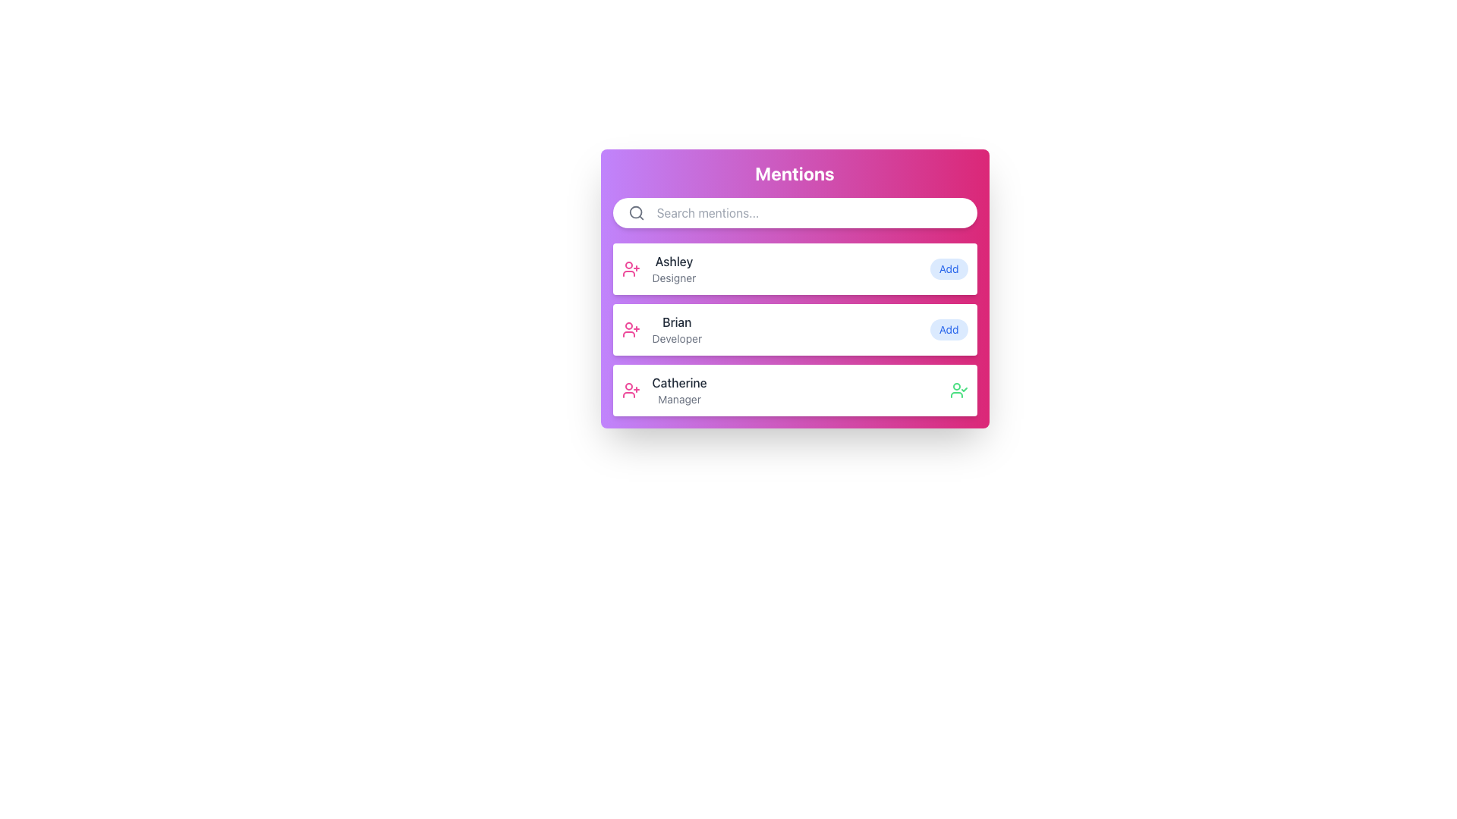 The image size is (1457, 819). Describe the element at coordinates (958, 390) in the screenshot. I see `the green user silhouette icon with a checkmark next to 'Catherine', the Manager` at that location.